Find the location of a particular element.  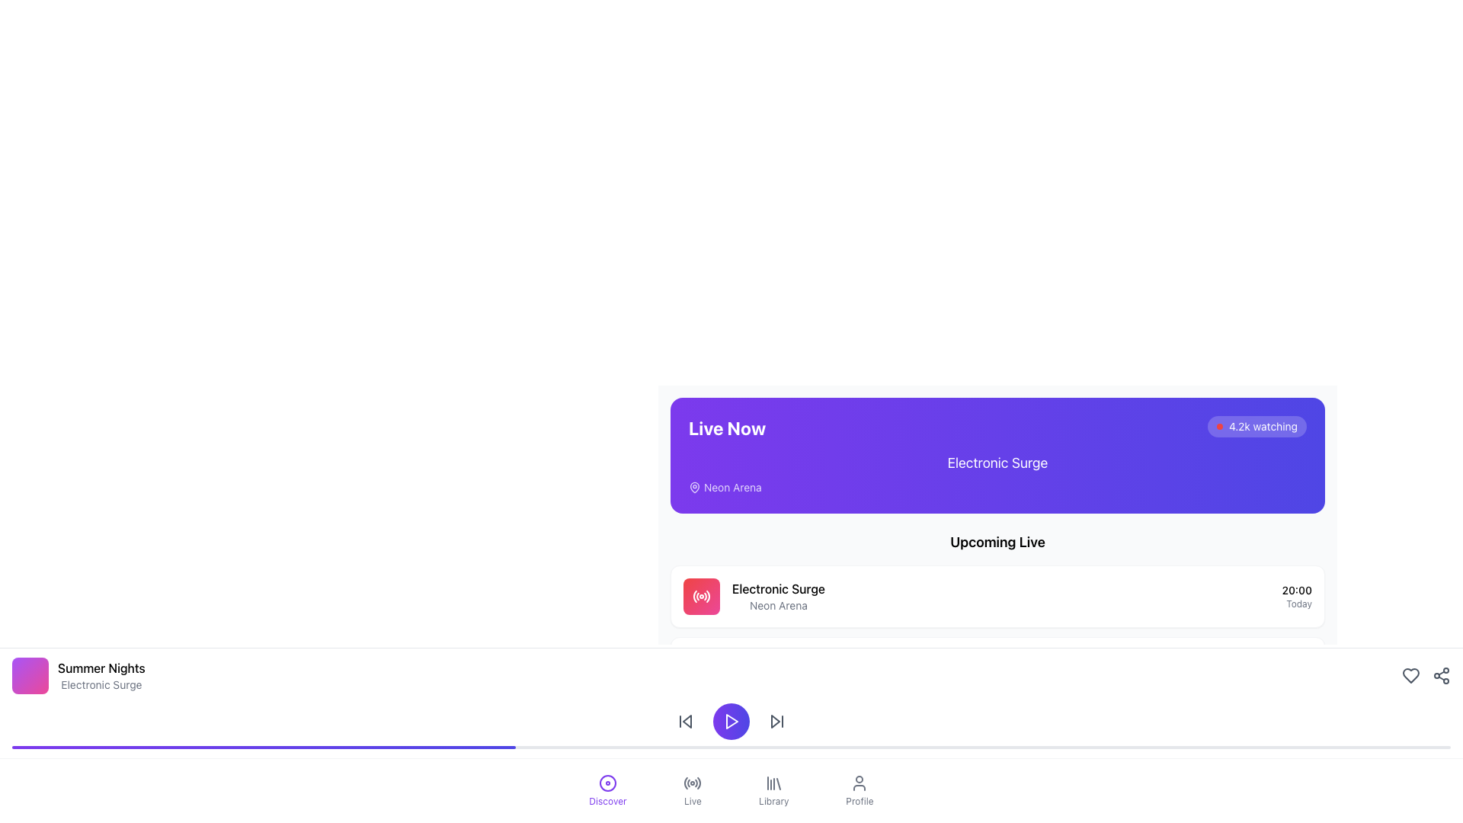

text label indicating the name of an event, program, or item located beneath the 'Live Now' purple banner, positioned above the text 'Neon Arena' is located at coordinates (779, 588).